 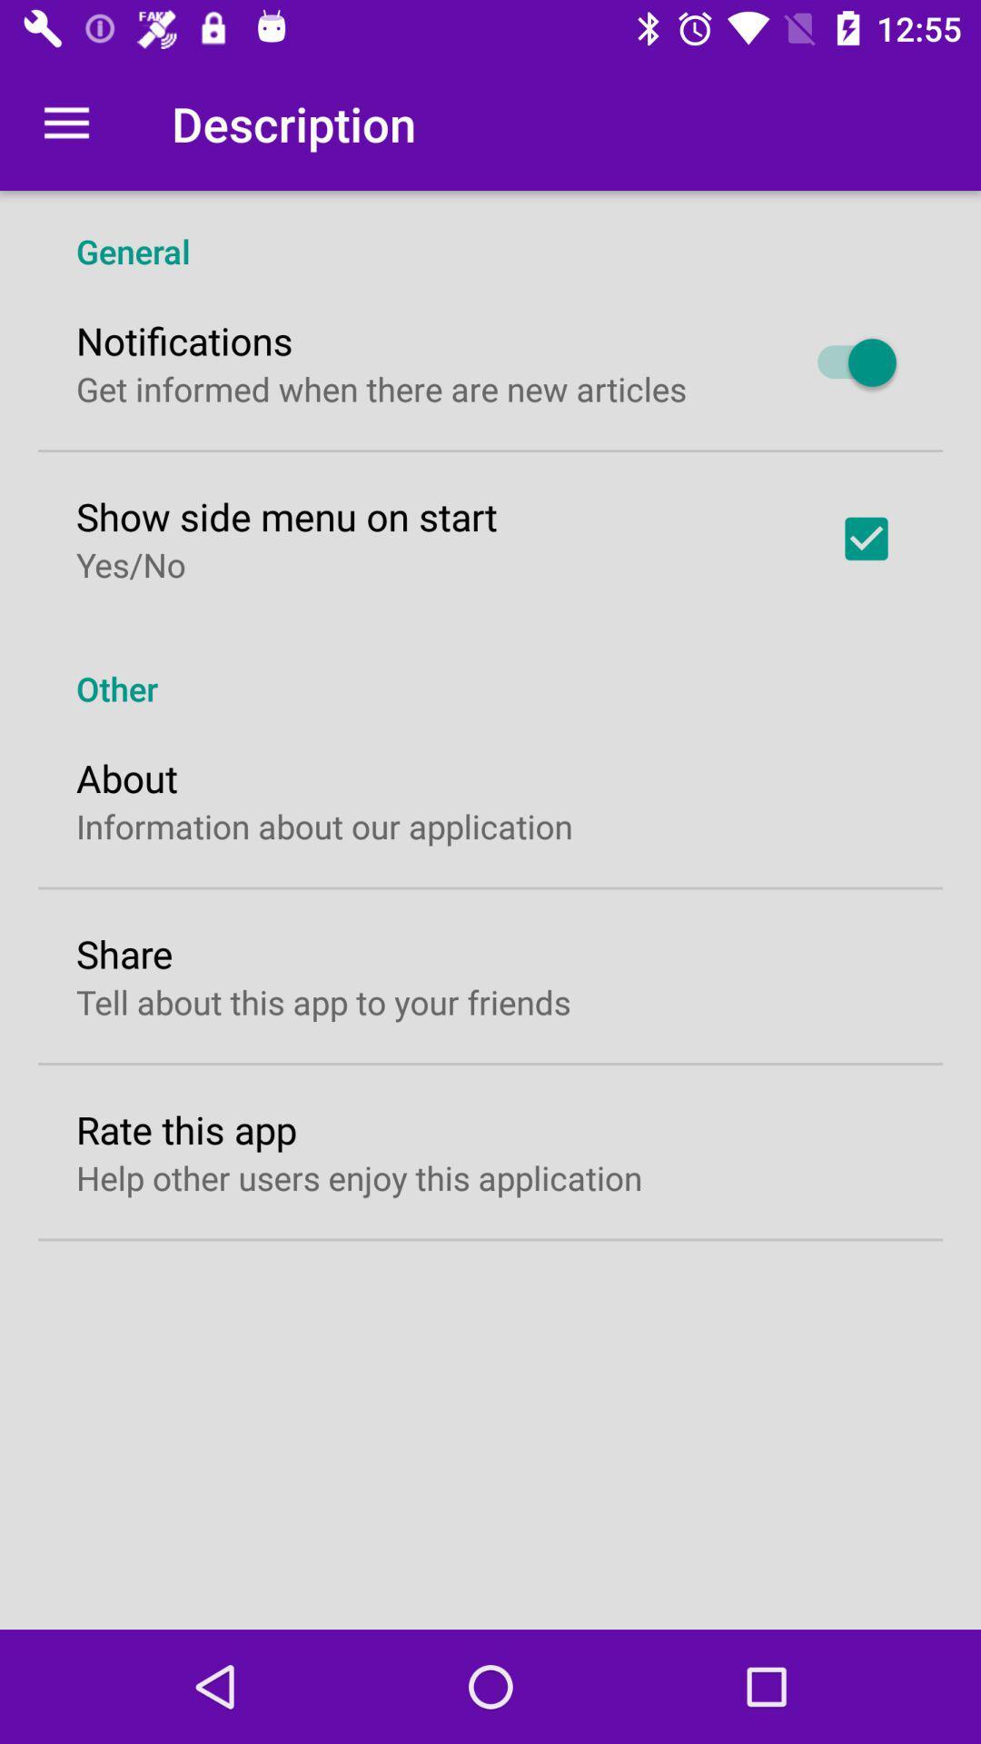 What do you see at coordinates (359, 1177) in the screenshot?
I see `icon below rate this app` at bounding box center [359, 1177].